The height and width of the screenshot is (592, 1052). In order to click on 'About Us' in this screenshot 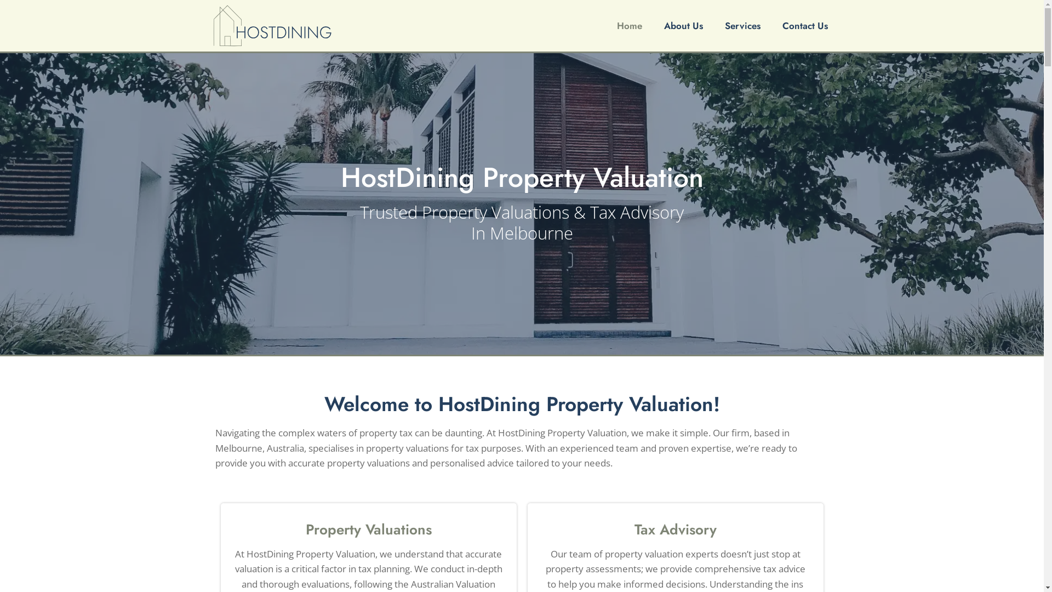, I will do `click(683, 25)`.